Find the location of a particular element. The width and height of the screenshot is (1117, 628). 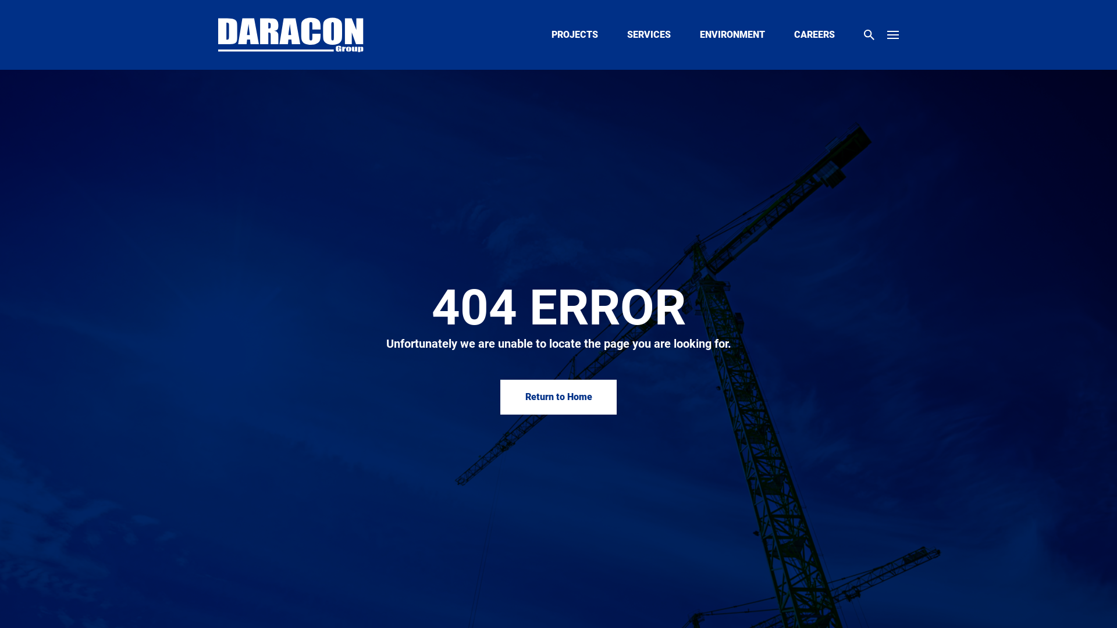

'PROJECTS' is located at coordinates (575, 34).